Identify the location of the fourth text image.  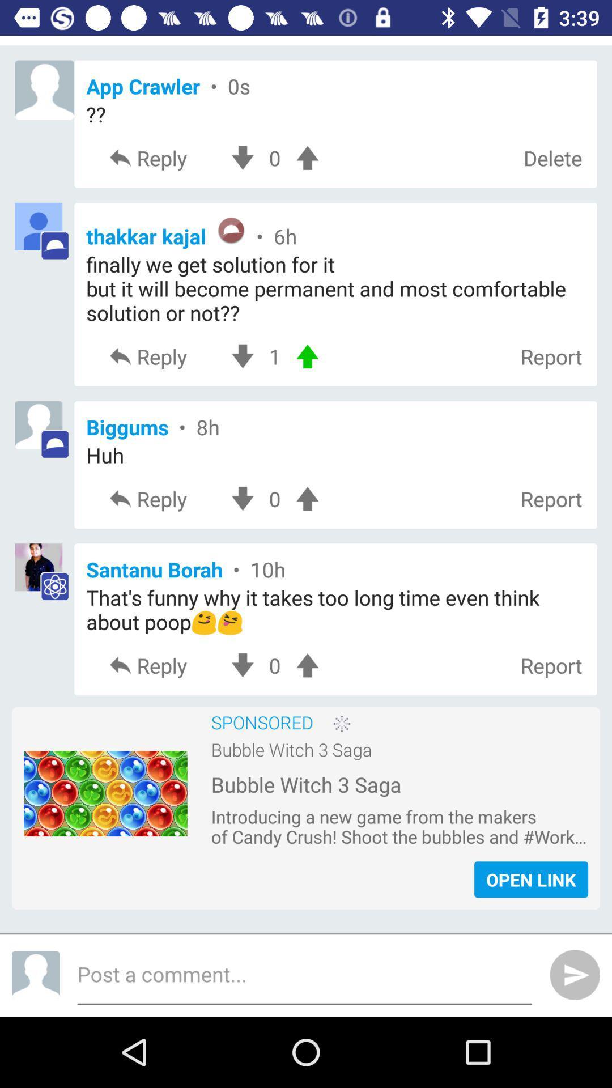
(44, 573).